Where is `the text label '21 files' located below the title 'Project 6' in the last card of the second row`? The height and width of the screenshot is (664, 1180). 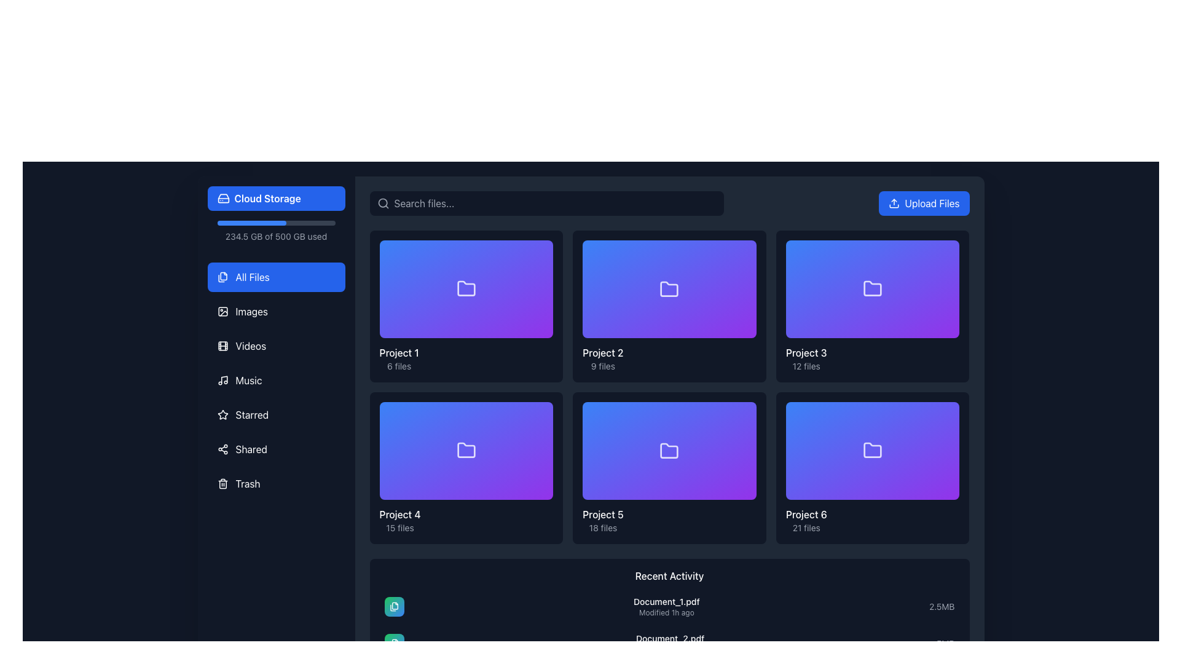
the text label '21 files' located below the title 'Project 6' in the last card of the second row is located at coordinates (806, 528).